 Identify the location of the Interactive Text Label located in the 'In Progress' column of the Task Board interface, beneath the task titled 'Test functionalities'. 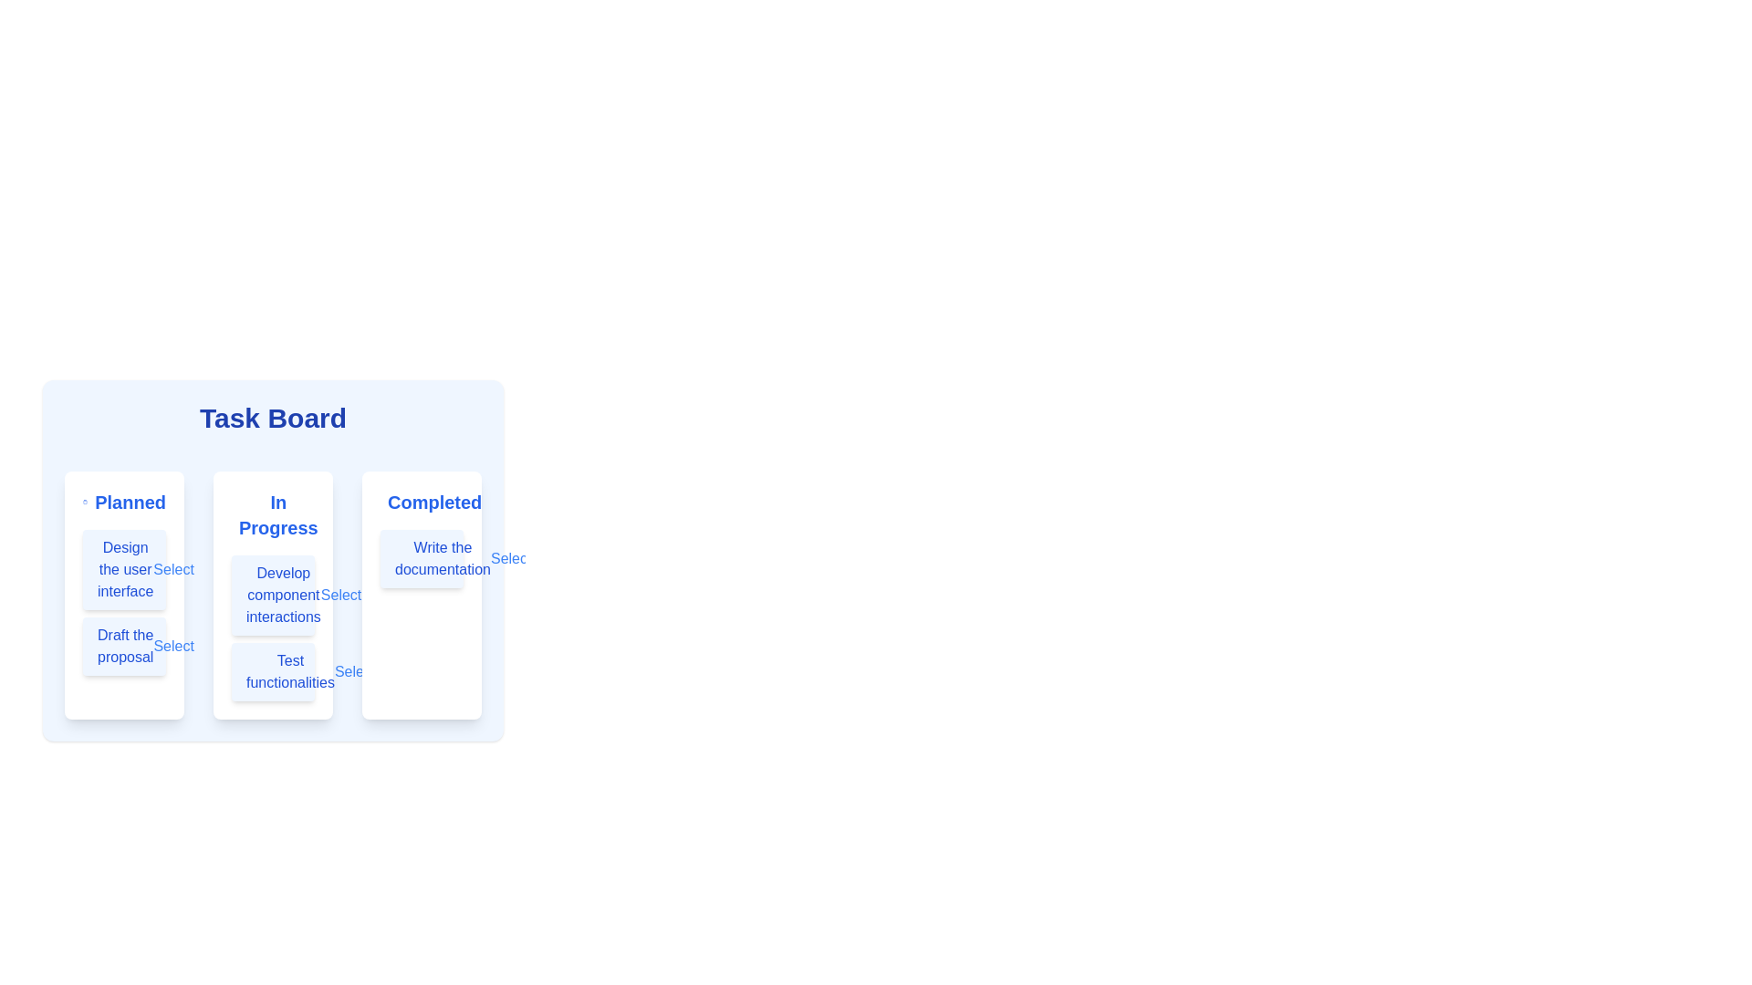
(355, 671).